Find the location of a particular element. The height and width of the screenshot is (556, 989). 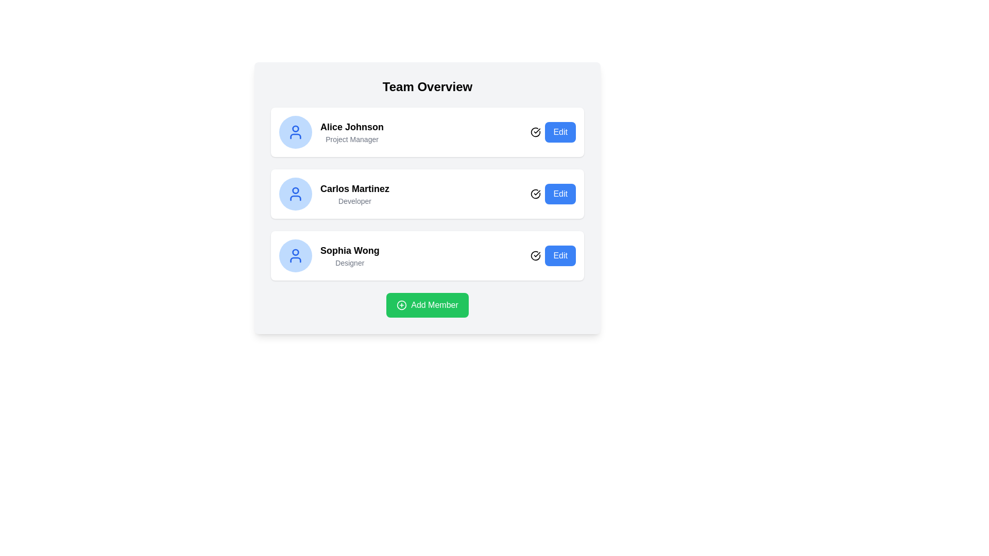

the user icon styled in blue within the light-blue circular background, representing Alice Johnson, Project Manager, located on the first card in the list is located at coordinates (295, 132).